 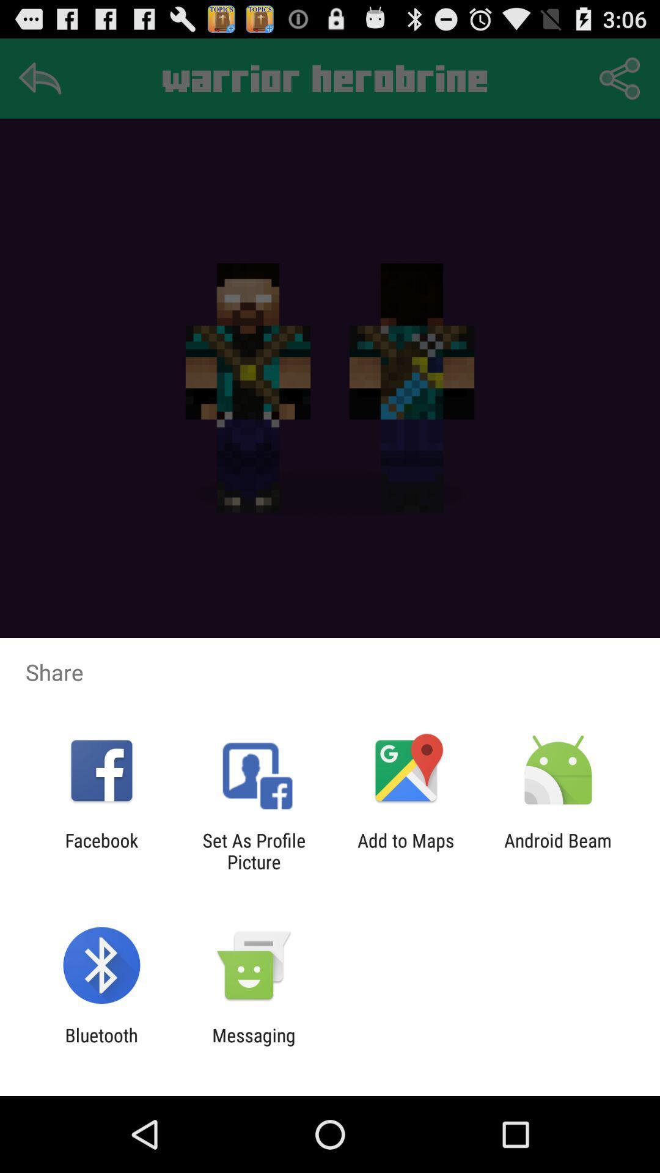 I want to click on the item to the right of add to maps app, so click(x=558, y=850).